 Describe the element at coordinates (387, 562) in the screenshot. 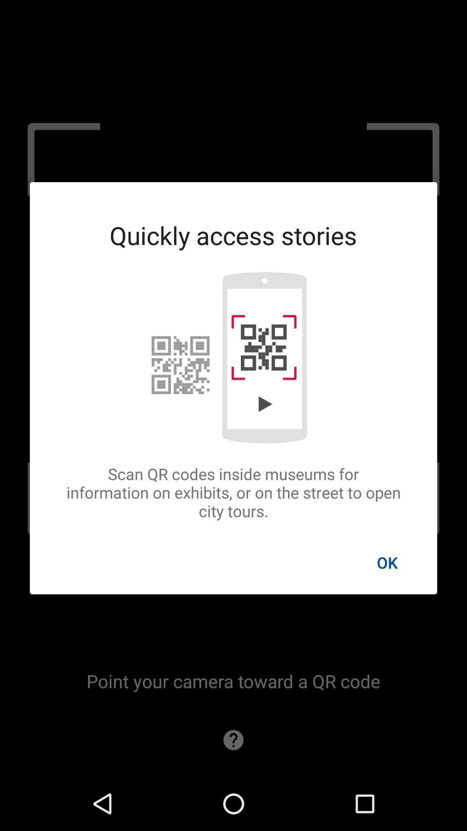

I see `button at the bottom right corner` at that location.